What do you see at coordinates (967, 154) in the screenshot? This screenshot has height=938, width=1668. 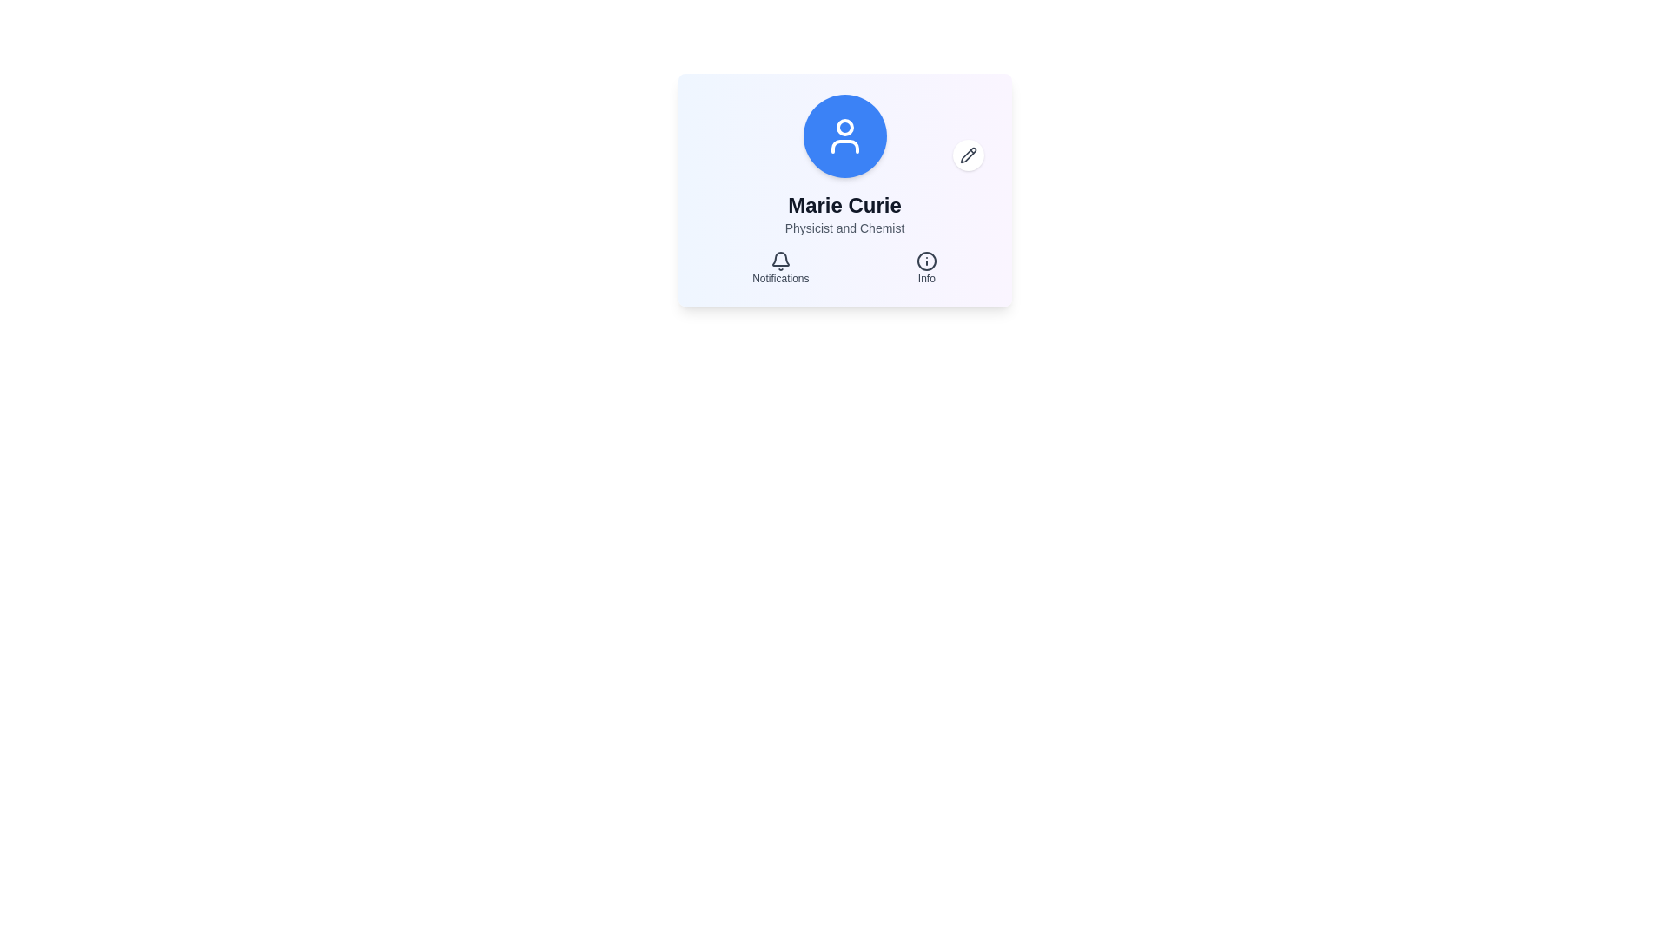 I see `the circular button containing the pencil icon for the edit function` at bounding box center [967, 154].